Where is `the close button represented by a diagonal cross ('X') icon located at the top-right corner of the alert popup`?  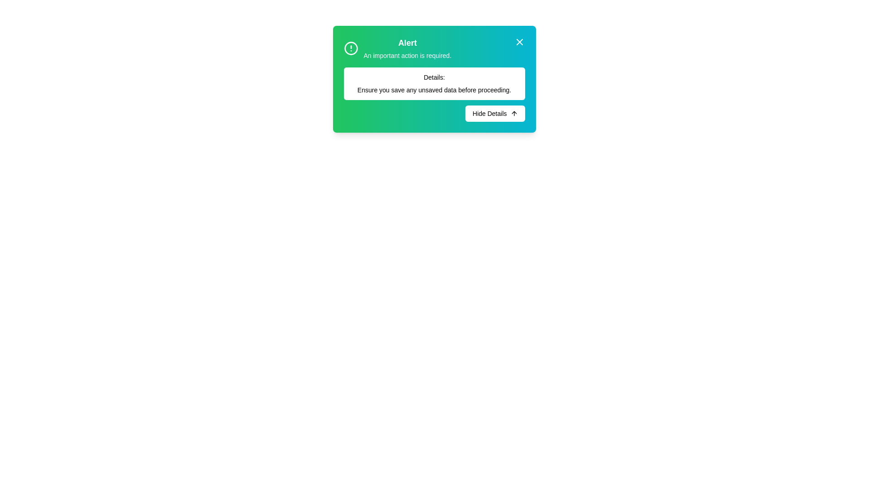
the close button represented by a diagonal cross ('X') icon located at the top-right corner of the alert popup is located at coordinates (519, 42).